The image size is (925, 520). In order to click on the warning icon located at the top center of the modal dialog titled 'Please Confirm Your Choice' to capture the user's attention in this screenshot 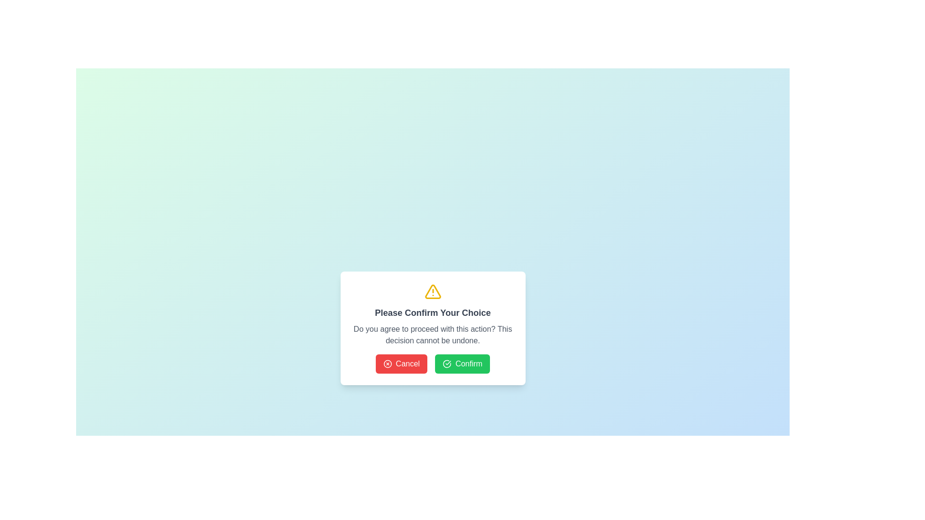, I will do `click(432, 291)`.